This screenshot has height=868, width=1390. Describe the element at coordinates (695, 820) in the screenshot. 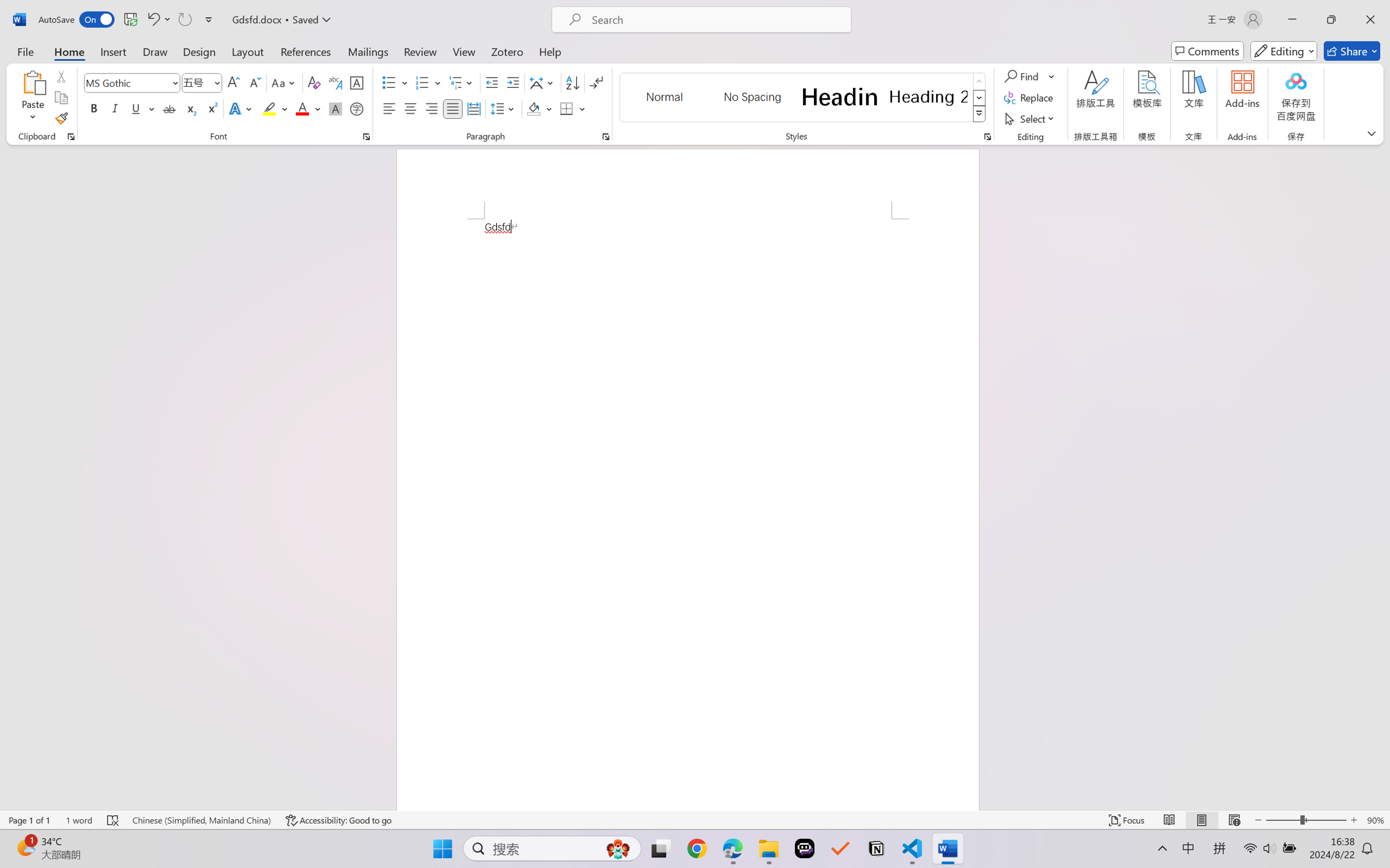

I see `'Class: MsoCommandBar'` at that location.